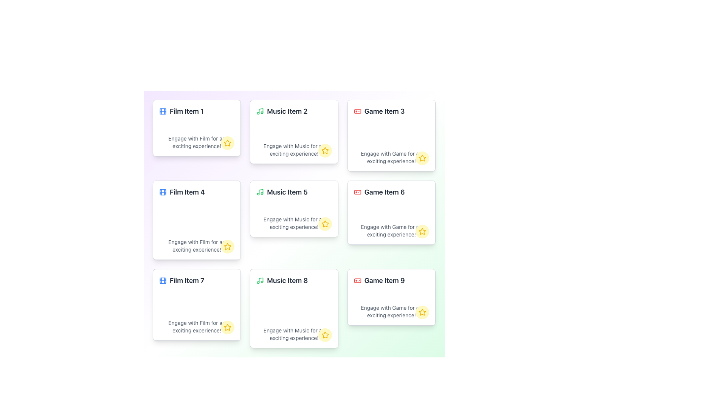 Image resolution: width=726 pixels, height=408 pixels. What do you see at coordinates (163, 111) in the screenshot?
I see `central rectangle of the filmstrip icon located above the text 'Film Item 1' in the top-left card of the grid layout` at bounding box center [163, 111].